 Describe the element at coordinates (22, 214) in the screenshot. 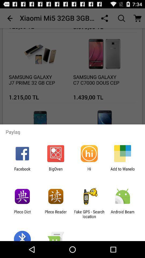

I see `icon next to pleco reader icon` at that location.